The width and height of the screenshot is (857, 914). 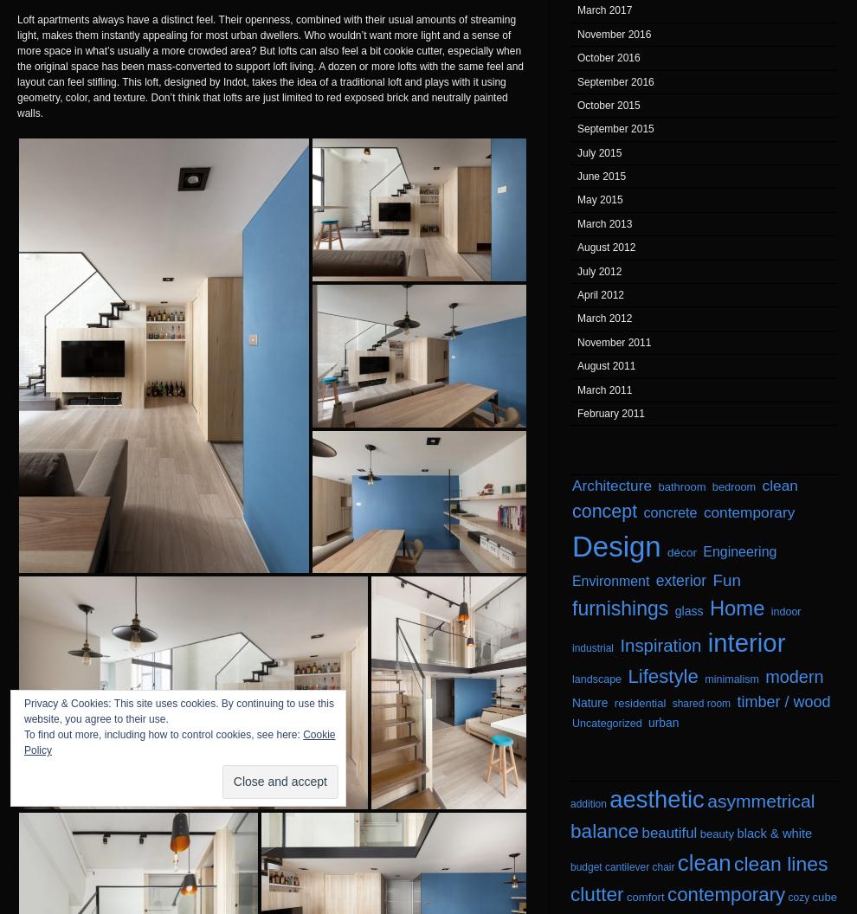 I want to click on 'décor', so click(x=682, y=551).